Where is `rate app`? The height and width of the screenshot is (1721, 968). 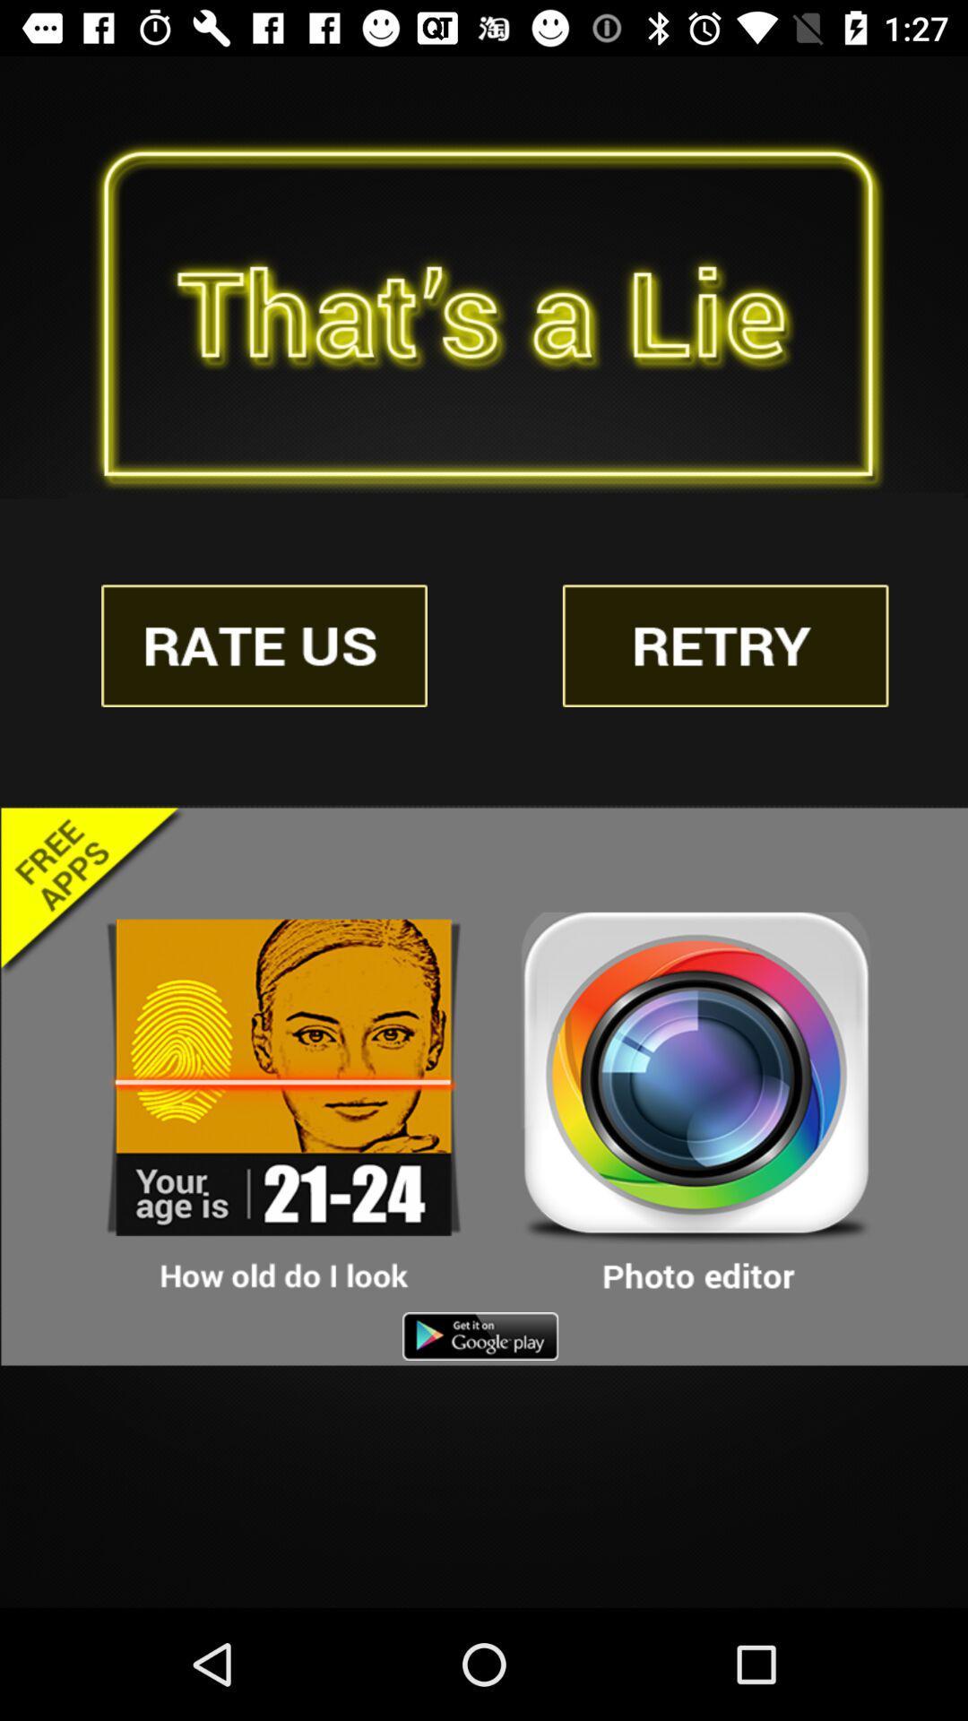
rate app is located at coordinates (264, 645).